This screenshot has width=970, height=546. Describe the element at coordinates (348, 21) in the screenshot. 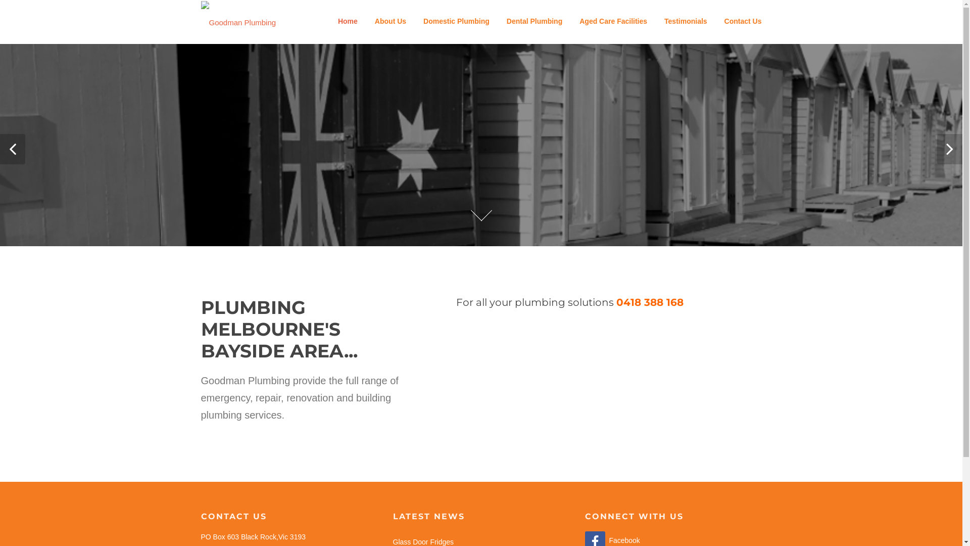

I see `'Home'` at that location.